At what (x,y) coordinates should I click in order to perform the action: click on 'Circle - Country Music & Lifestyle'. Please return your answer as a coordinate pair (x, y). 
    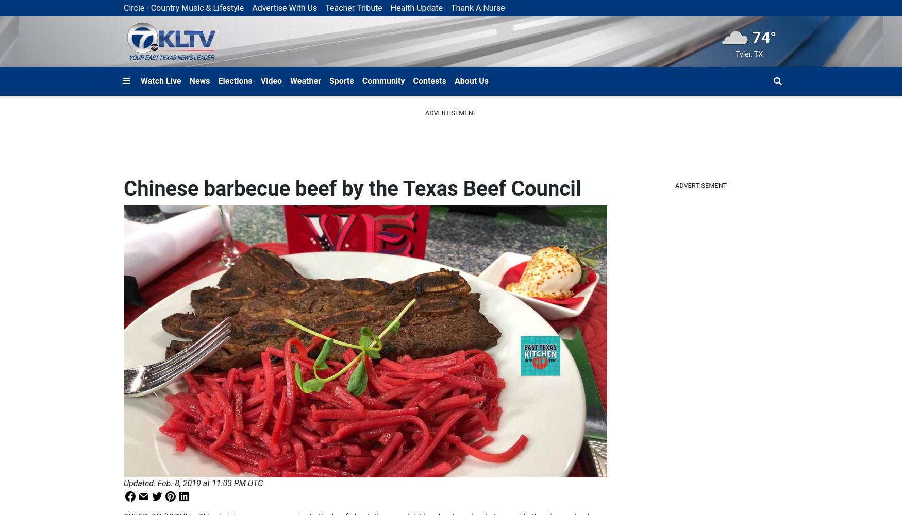
    Looking at the image, I should click on (123, 8).